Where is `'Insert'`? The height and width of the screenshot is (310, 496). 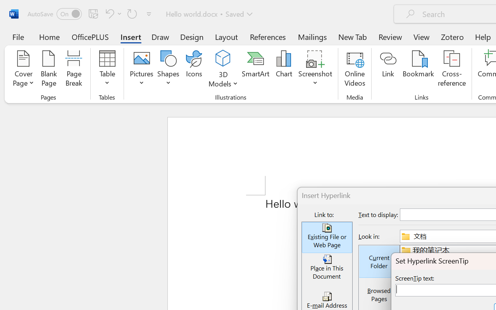 'Insert' is located at coordinates (131, 36).